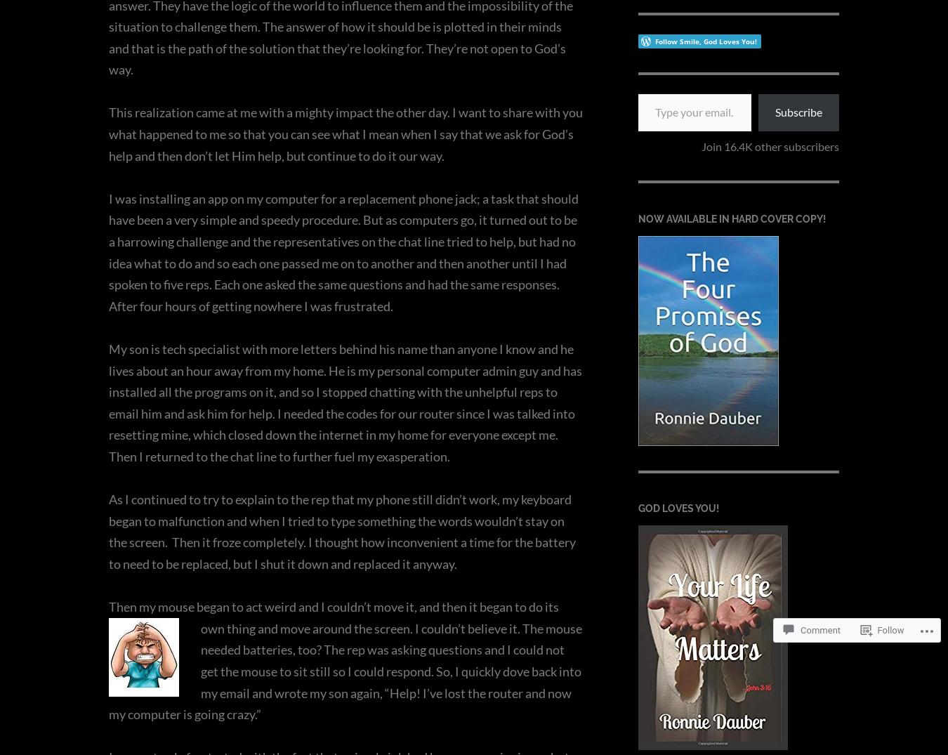 The width and height of the screenshot is (948, 755). What do you see at coordinates (877, 629) in the screenshot?
I see `'Follow'` at bounding box center [877, 629].